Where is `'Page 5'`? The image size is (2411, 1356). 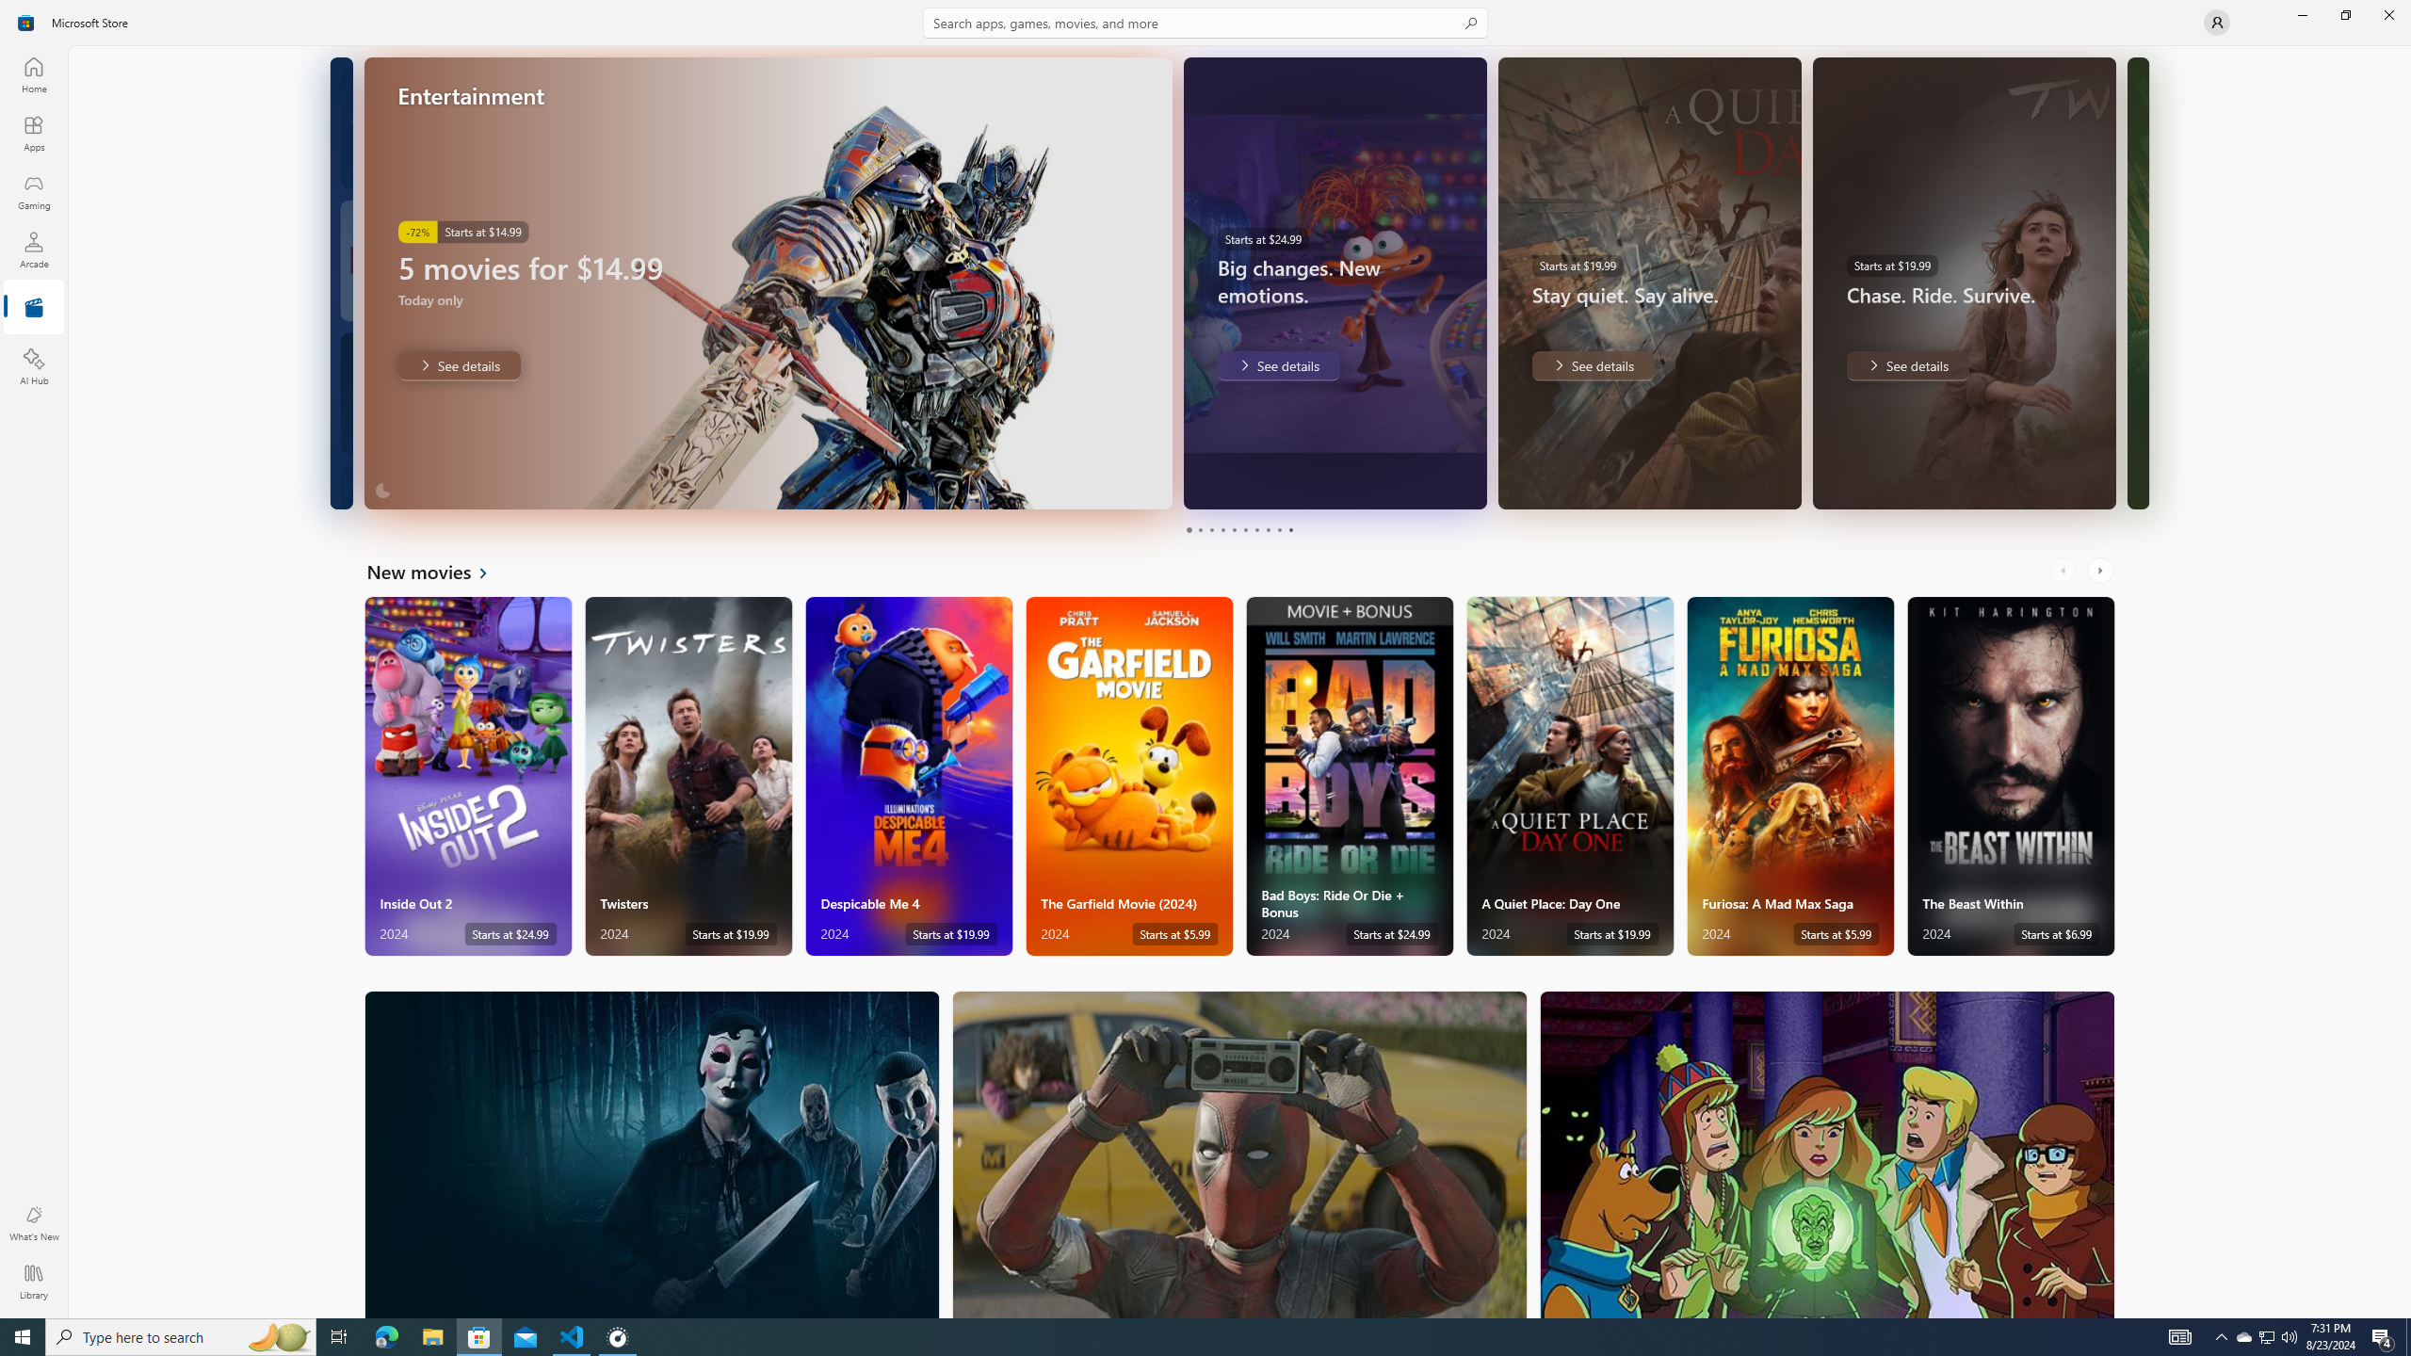 'Page 5' is located at coordinates (1232, 529).